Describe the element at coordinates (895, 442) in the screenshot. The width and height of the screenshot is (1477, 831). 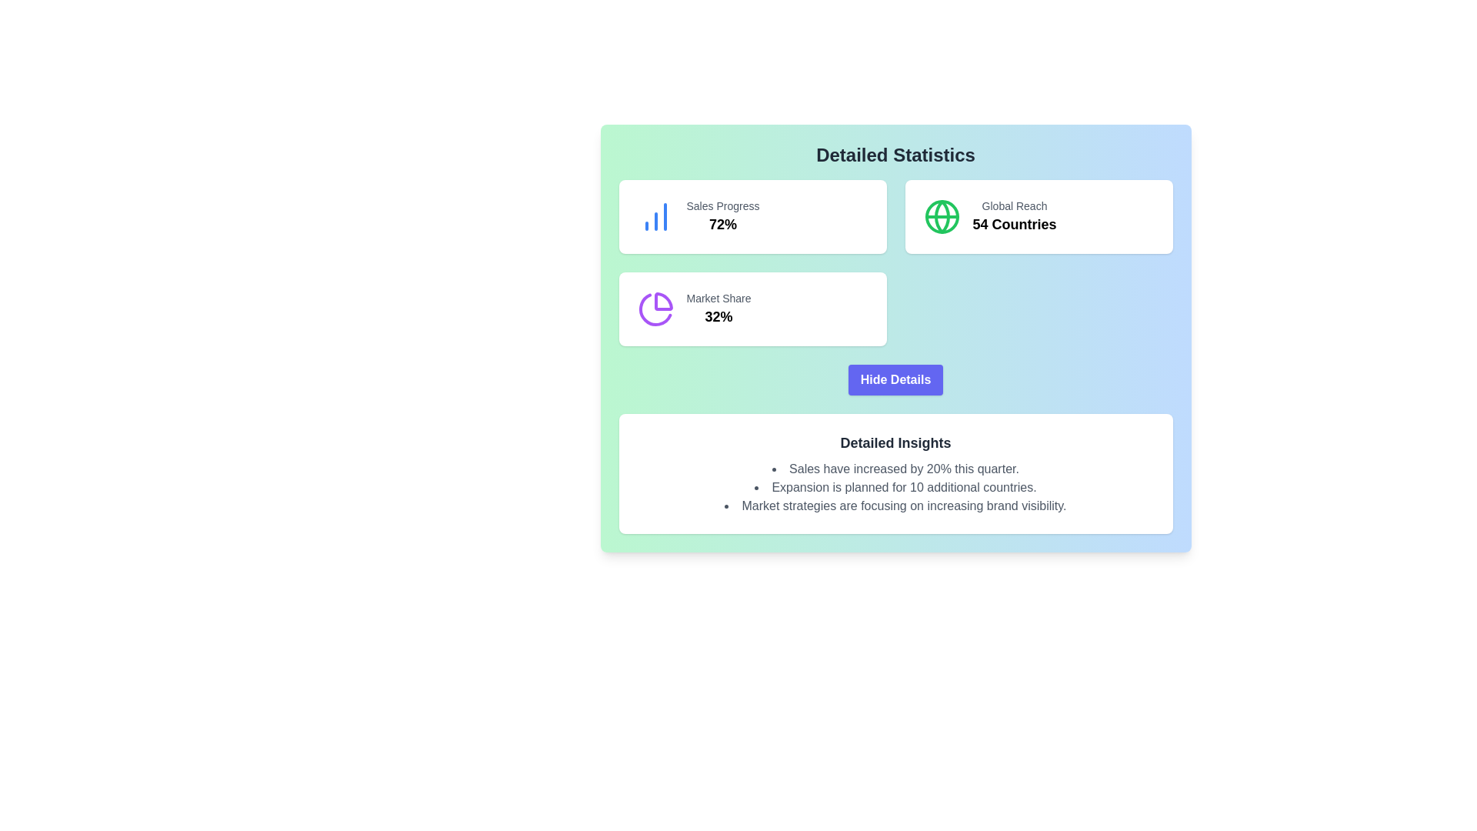
I see `the text label heading that introduces and segments the following content, located within a white card below the 'Hide Details' button` at that location.